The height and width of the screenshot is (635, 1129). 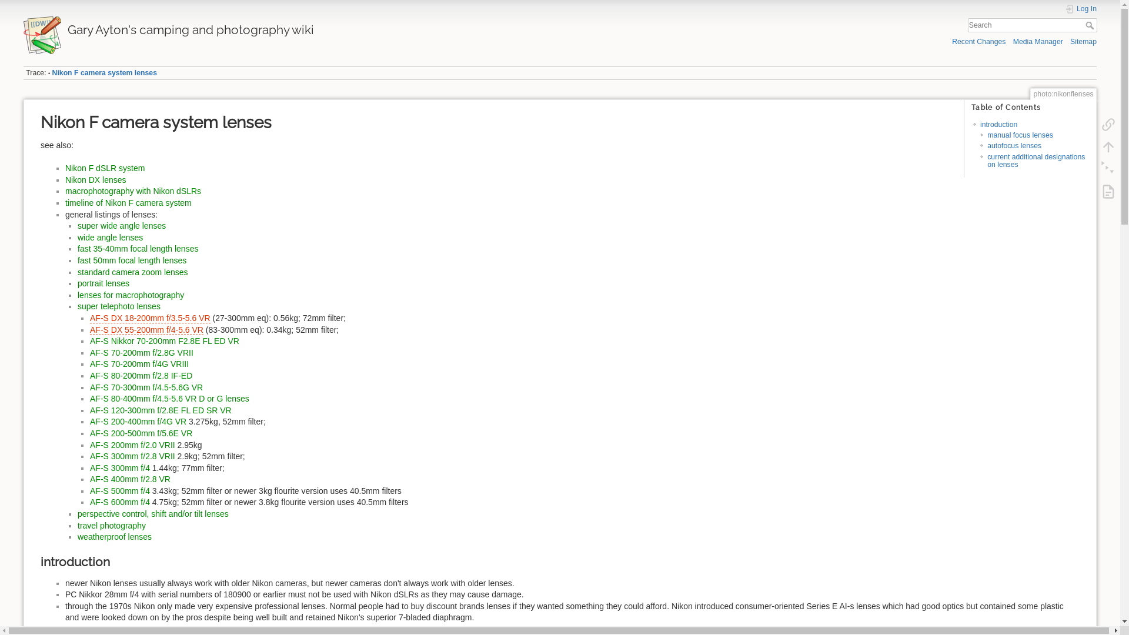 I want to click on 'wide angle lenses', so click(x=110, y=238).